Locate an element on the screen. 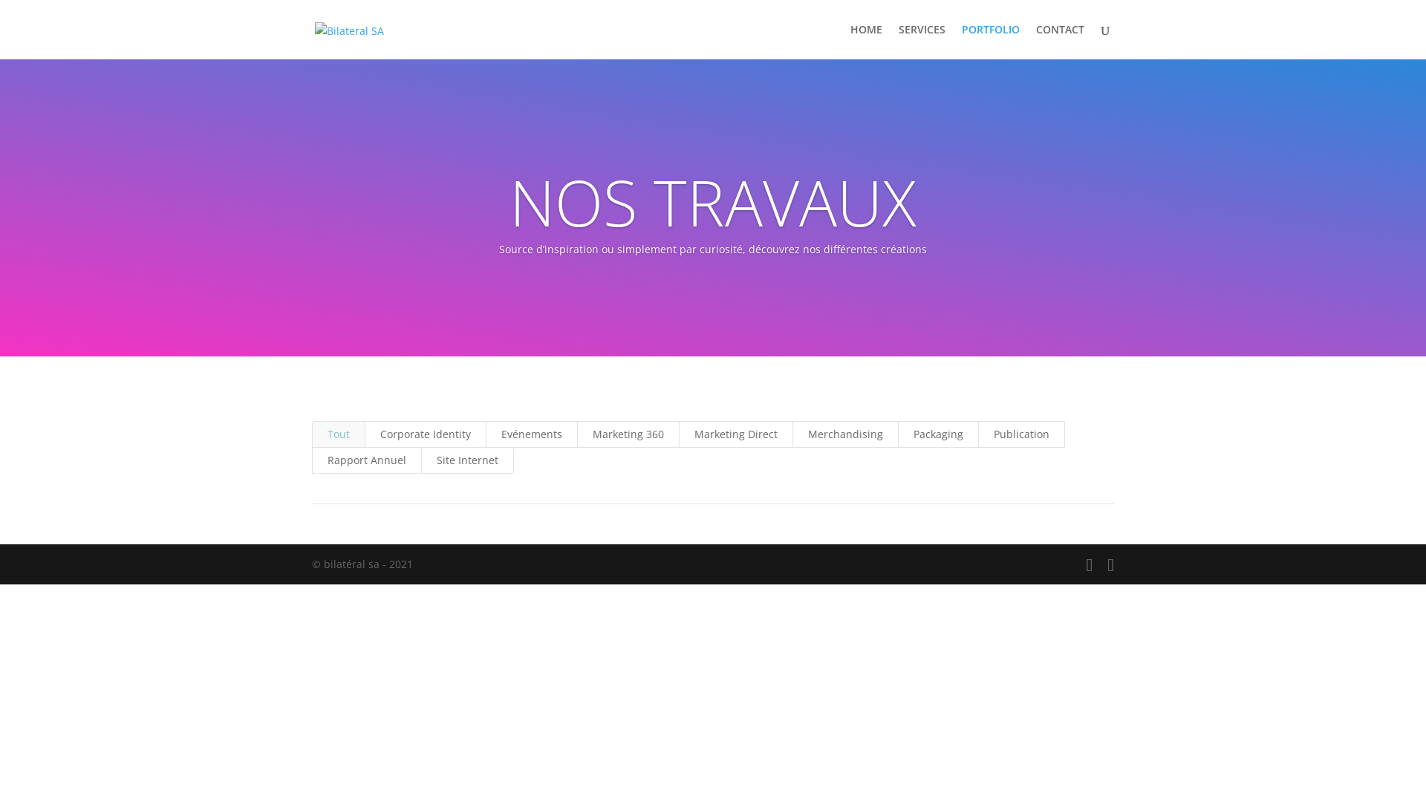 The height and width of the screenshot is (802, 1426). 'Marketing 360' is located at coordinates (576, 434).